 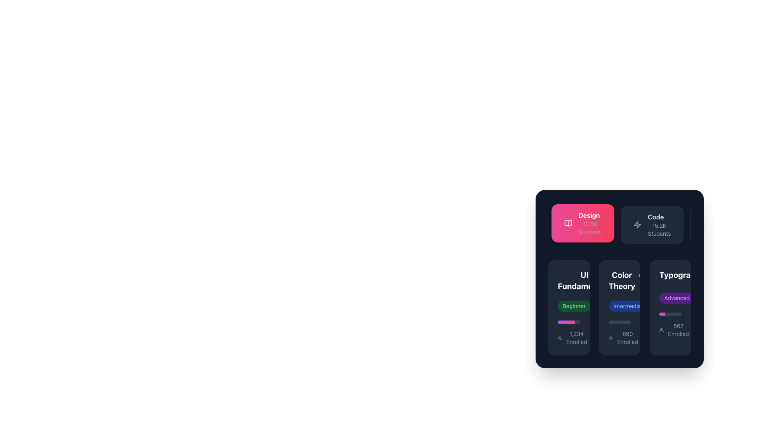 I want to click on the label with the text 'Intermediate', which is a small rectangular label with rounded corners, filled with a dark blue background, located in the 'Color Theory' section above the progress indicator, so click(x=629, y=305).